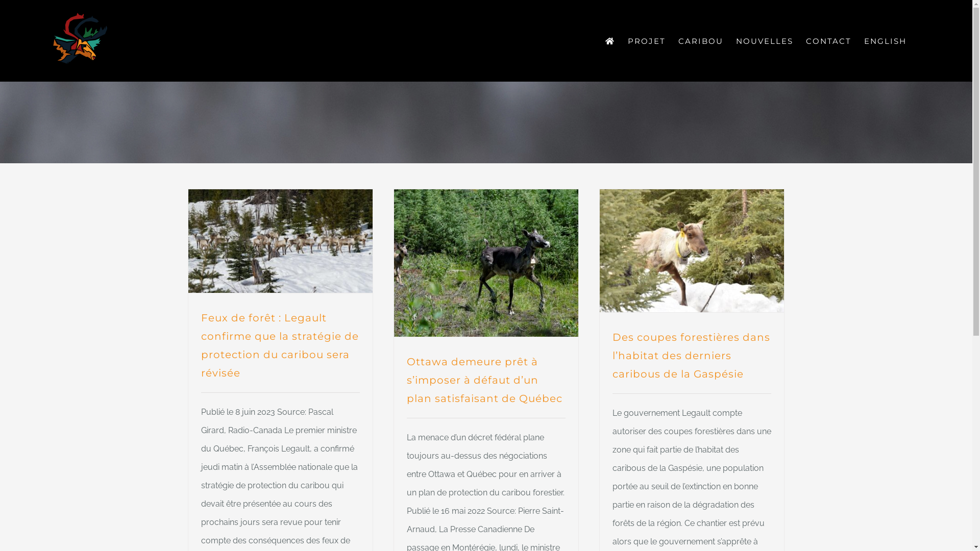 The image size is (980, 551). What do you see at coordinates (764, 40) in the screenshot?
I see `'NOUVELLES'` at bounding box center [764, 40].